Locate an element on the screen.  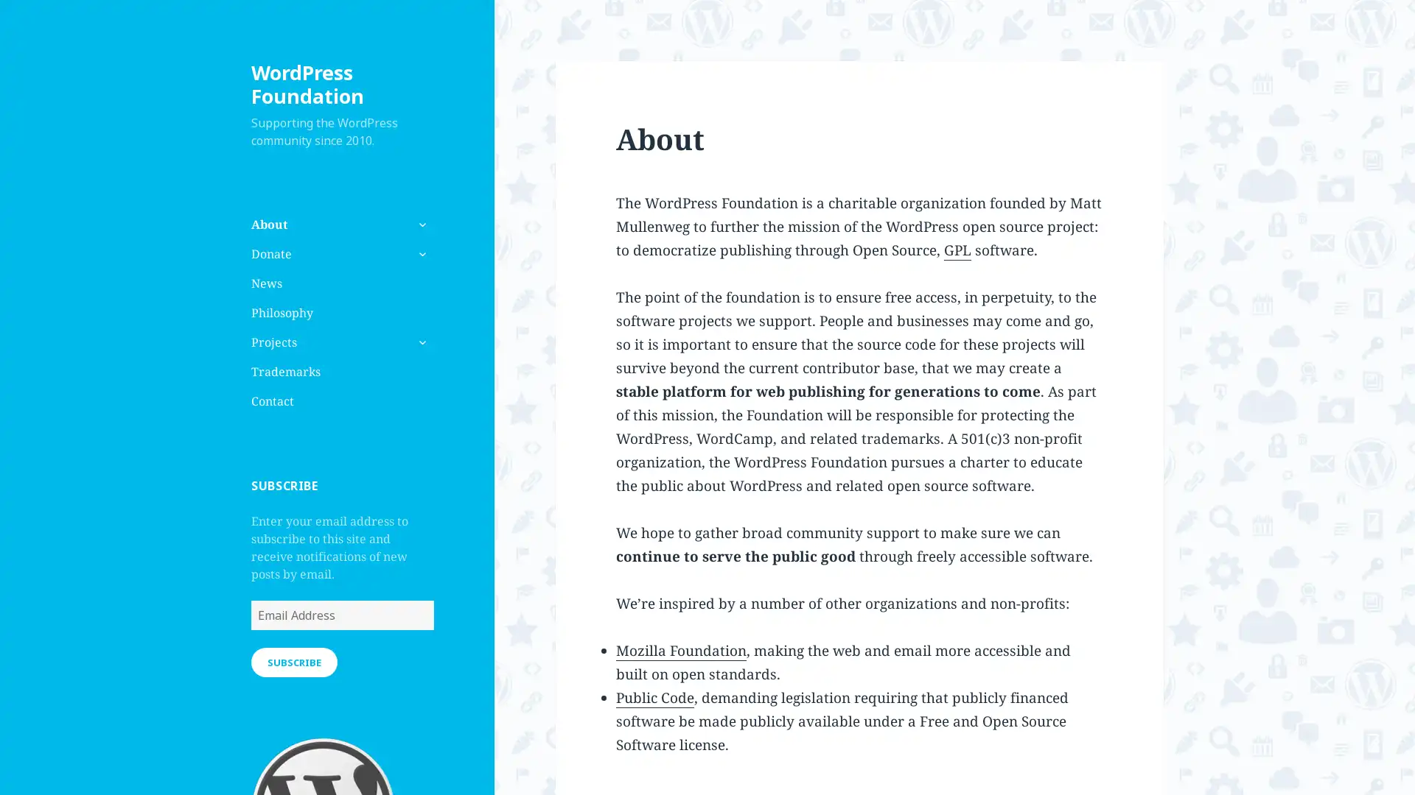
expand child menu is located at coordinates (420, 252).